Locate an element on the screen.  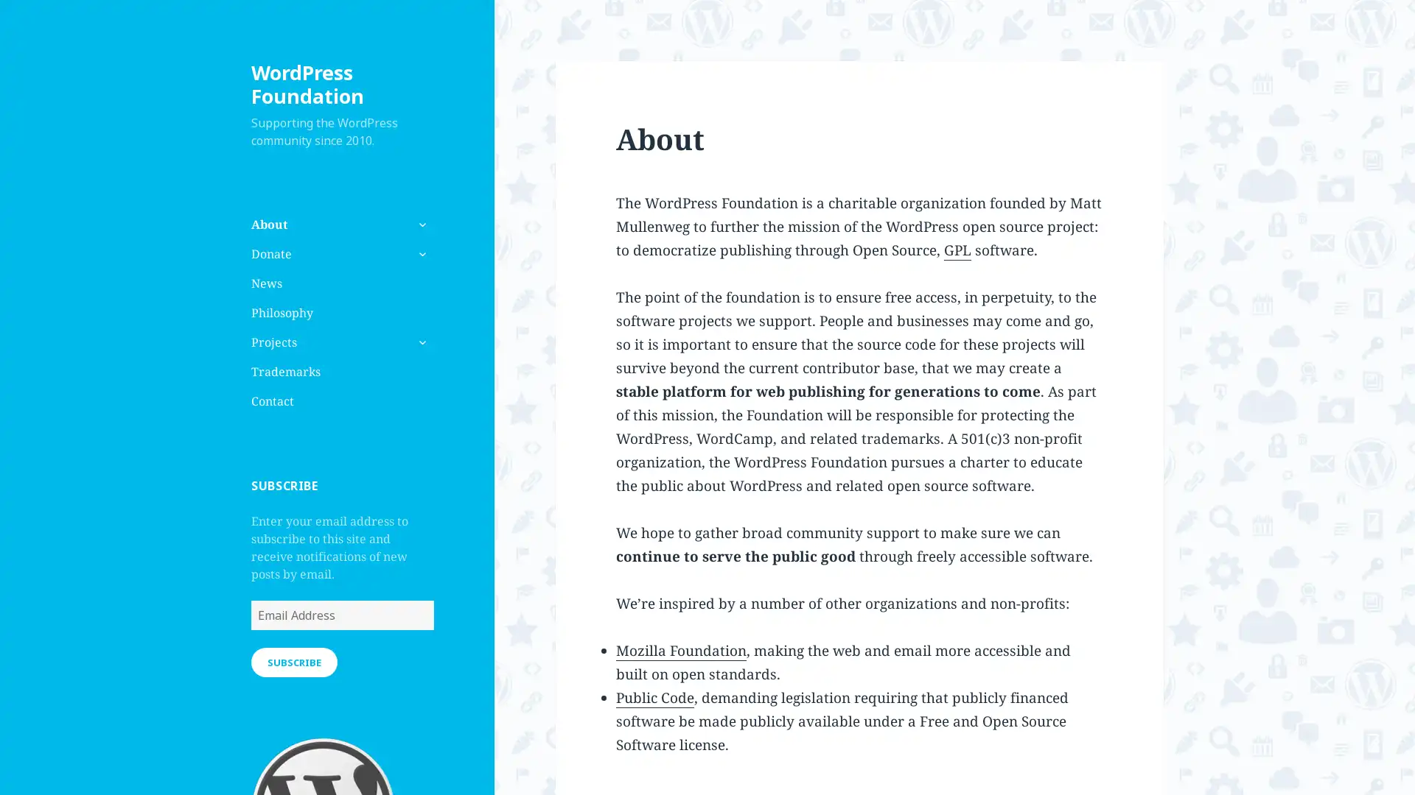
expand child menu is located at coordinates (420, 252).